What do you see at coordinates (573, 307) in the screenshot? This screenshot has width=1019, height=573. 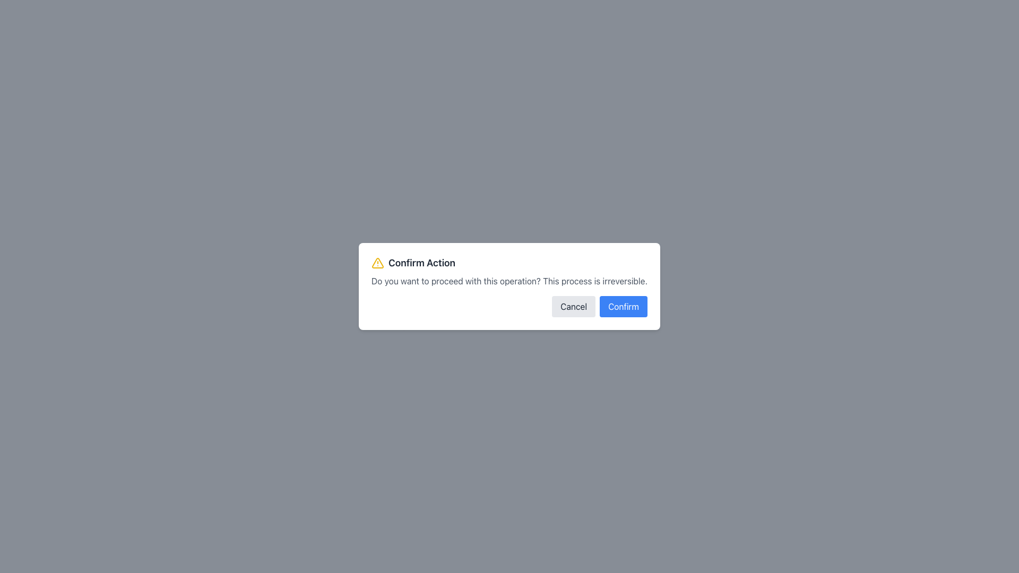 I see `the cancellation button located on the right side of the confirmation modal to observe its hover styling effects` at bounding box center [573, 307].